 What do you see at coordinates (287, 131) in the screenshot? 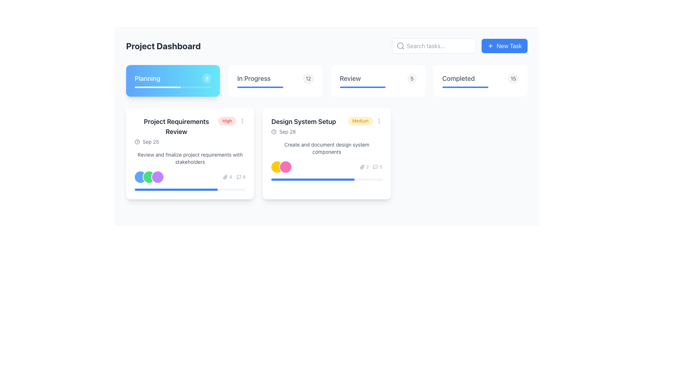
I see `the Text Label that indicates the date associated with the card titled 'Design System Setup', located directly below the clock icon in the top-left corner of the card` at bounding box center [287, 131].